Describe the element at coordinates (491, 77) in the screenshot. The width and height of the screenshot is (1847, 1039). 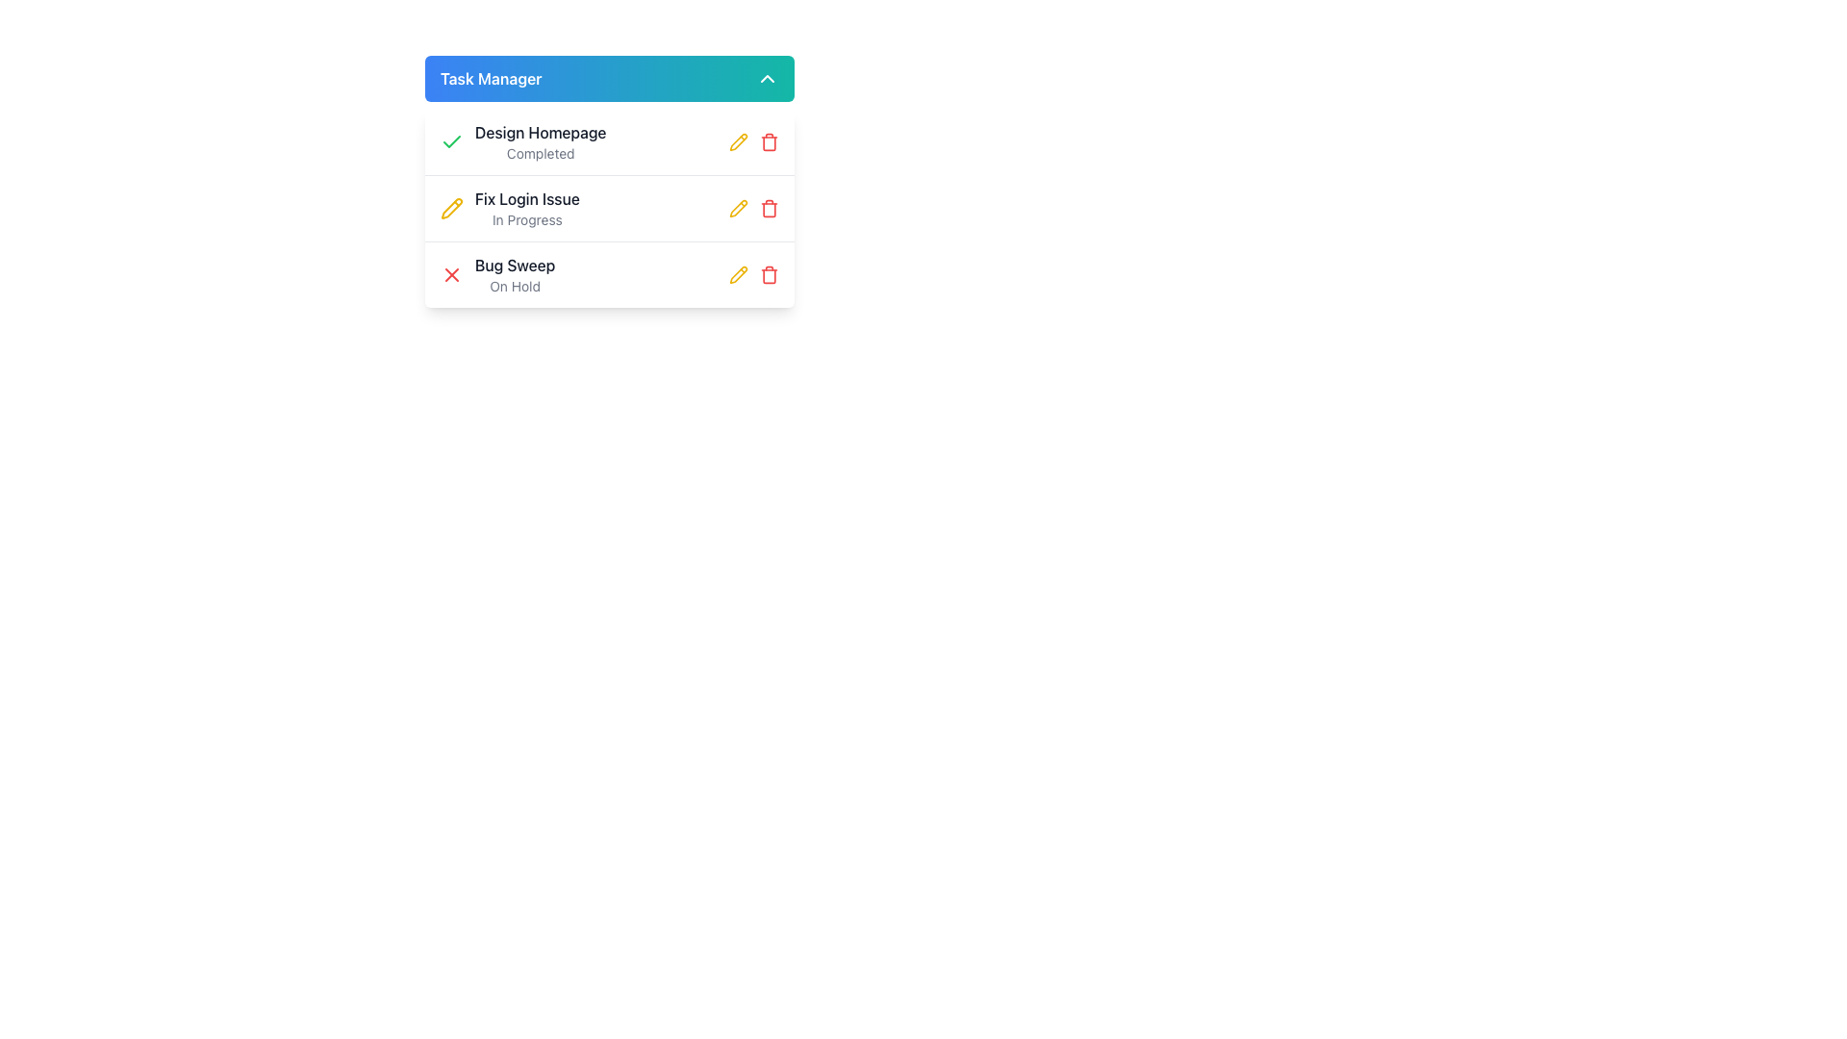
I see `title or heading text located at the top left corner of the interface, adjacent to a chevron icon on its right` at that location.